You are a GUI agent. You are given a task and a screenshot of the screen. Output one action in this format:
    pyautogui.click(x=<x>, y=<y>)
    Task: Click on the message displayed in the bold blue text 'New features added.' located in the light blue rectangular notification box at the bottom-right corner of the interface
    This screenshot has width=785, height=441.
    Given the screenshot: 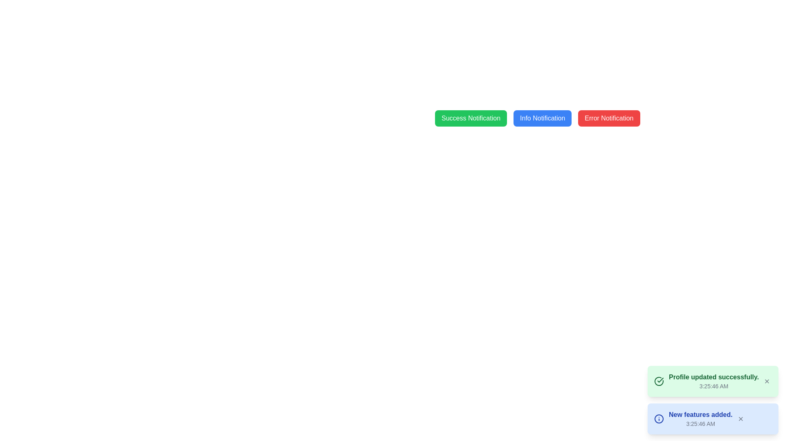 What is the action you would take?
    pyautogui.click(x=700, y=414)
    